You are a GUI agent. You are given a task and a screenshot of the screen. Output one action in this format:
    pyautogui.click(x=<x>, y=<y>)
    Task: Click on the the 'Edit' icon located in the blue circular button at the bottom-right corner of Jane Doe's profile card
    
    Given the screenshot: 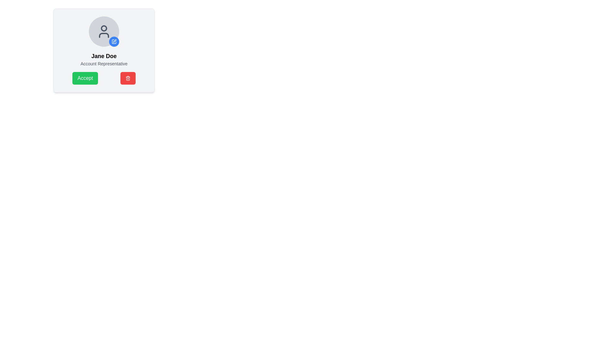 What is the action you would take?
    pyautogui.click(x=114, y=41)
    